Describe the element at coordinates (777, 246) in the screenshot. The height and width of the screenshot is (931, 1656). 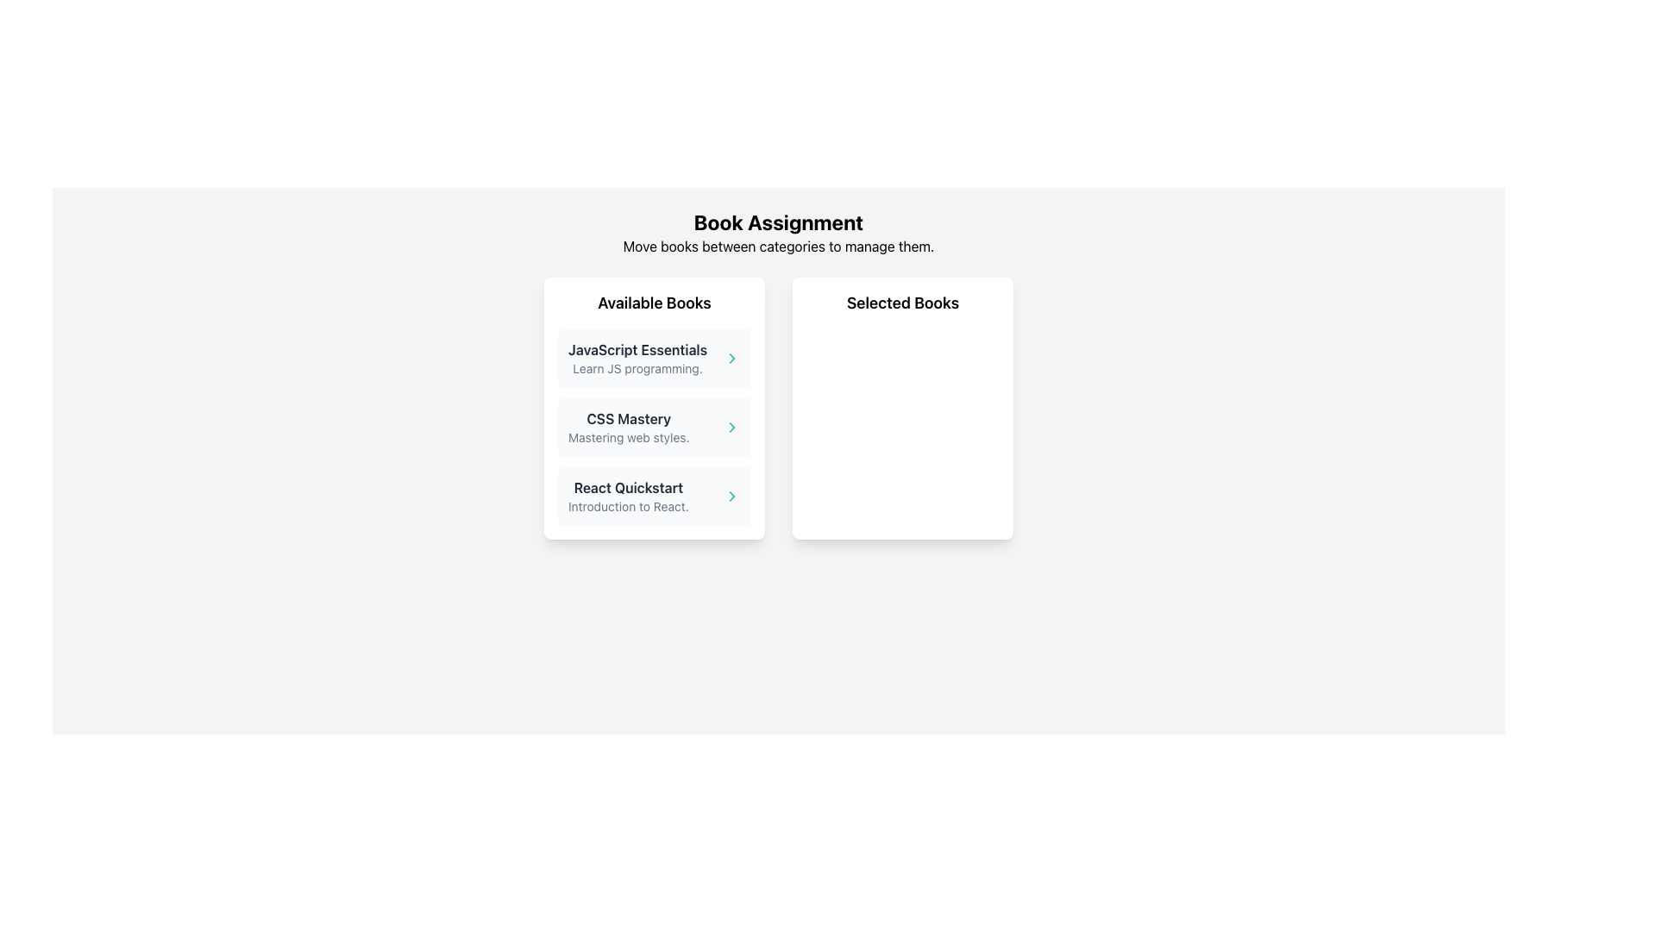
I see `text element that contains 'Move books between categories to manage them.' located directly beneath the bold header 'Book Assignment'` at that location.